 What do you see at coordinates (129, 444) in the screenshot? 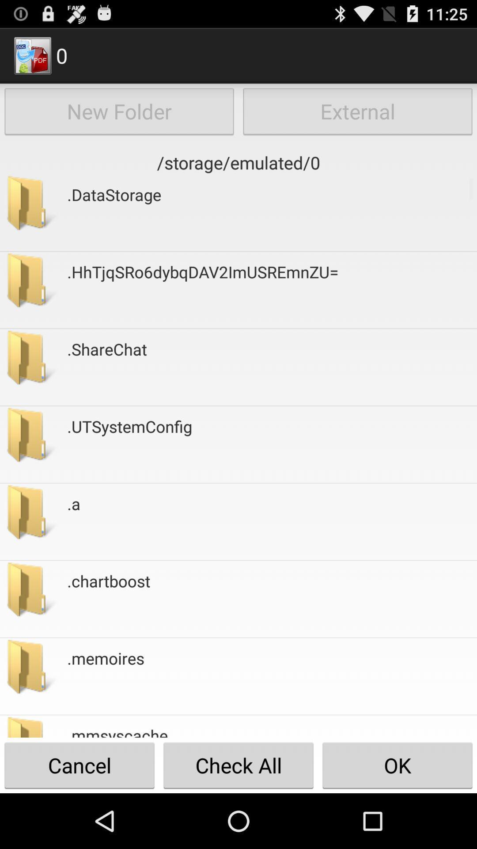
I see `the app below the .sharechat` at bounding box center [129, 444].